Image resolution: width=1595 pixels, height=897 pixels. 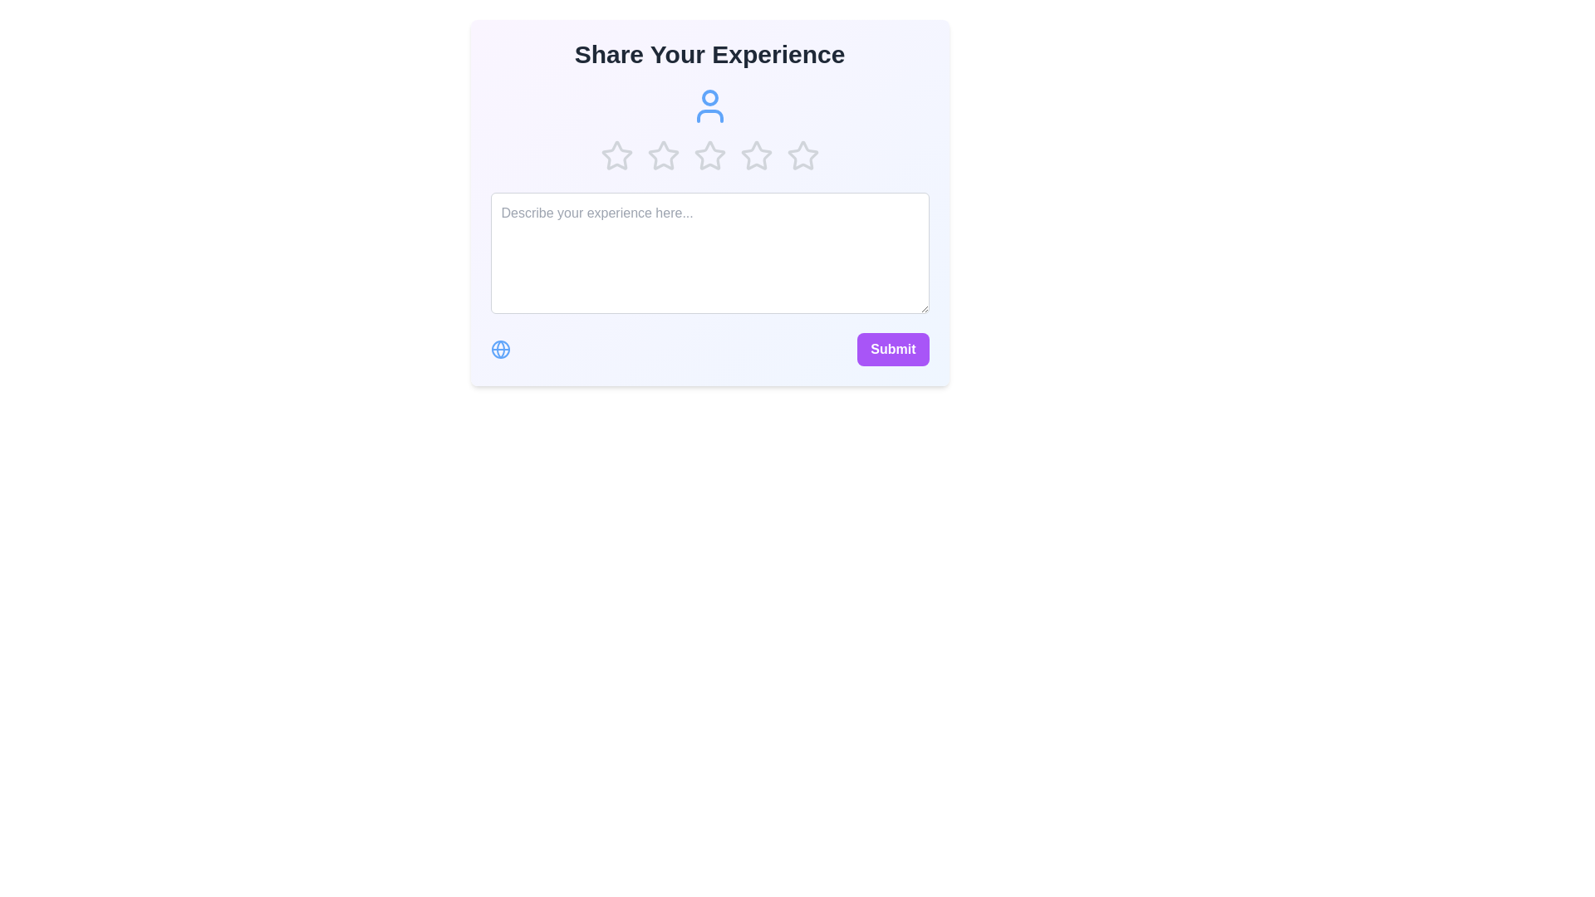 What do you see at coordinates (755, 156) in the screenshot?
I see `the 5th star icon` at bounding box center [755, 156].